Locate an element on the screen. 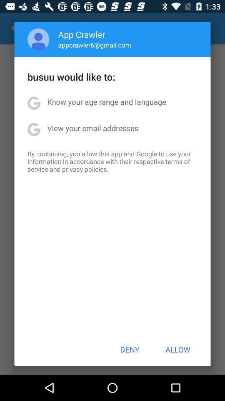 The image size is (225, 401). appcrawler6@gmail.com is located at coordinates (94, 45).